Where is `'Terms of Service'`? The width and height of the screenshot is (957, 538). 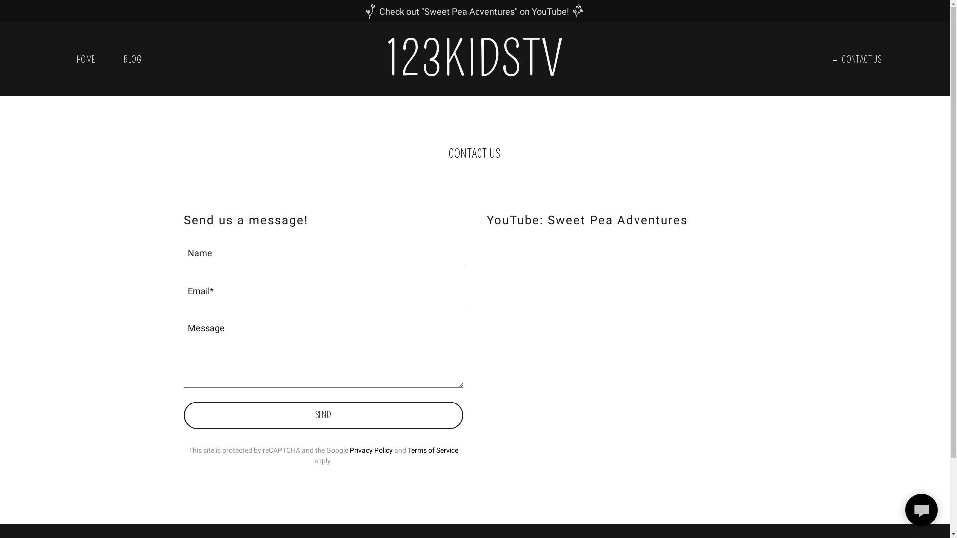
'Terms of Service' is located at coordinates (407, 450).